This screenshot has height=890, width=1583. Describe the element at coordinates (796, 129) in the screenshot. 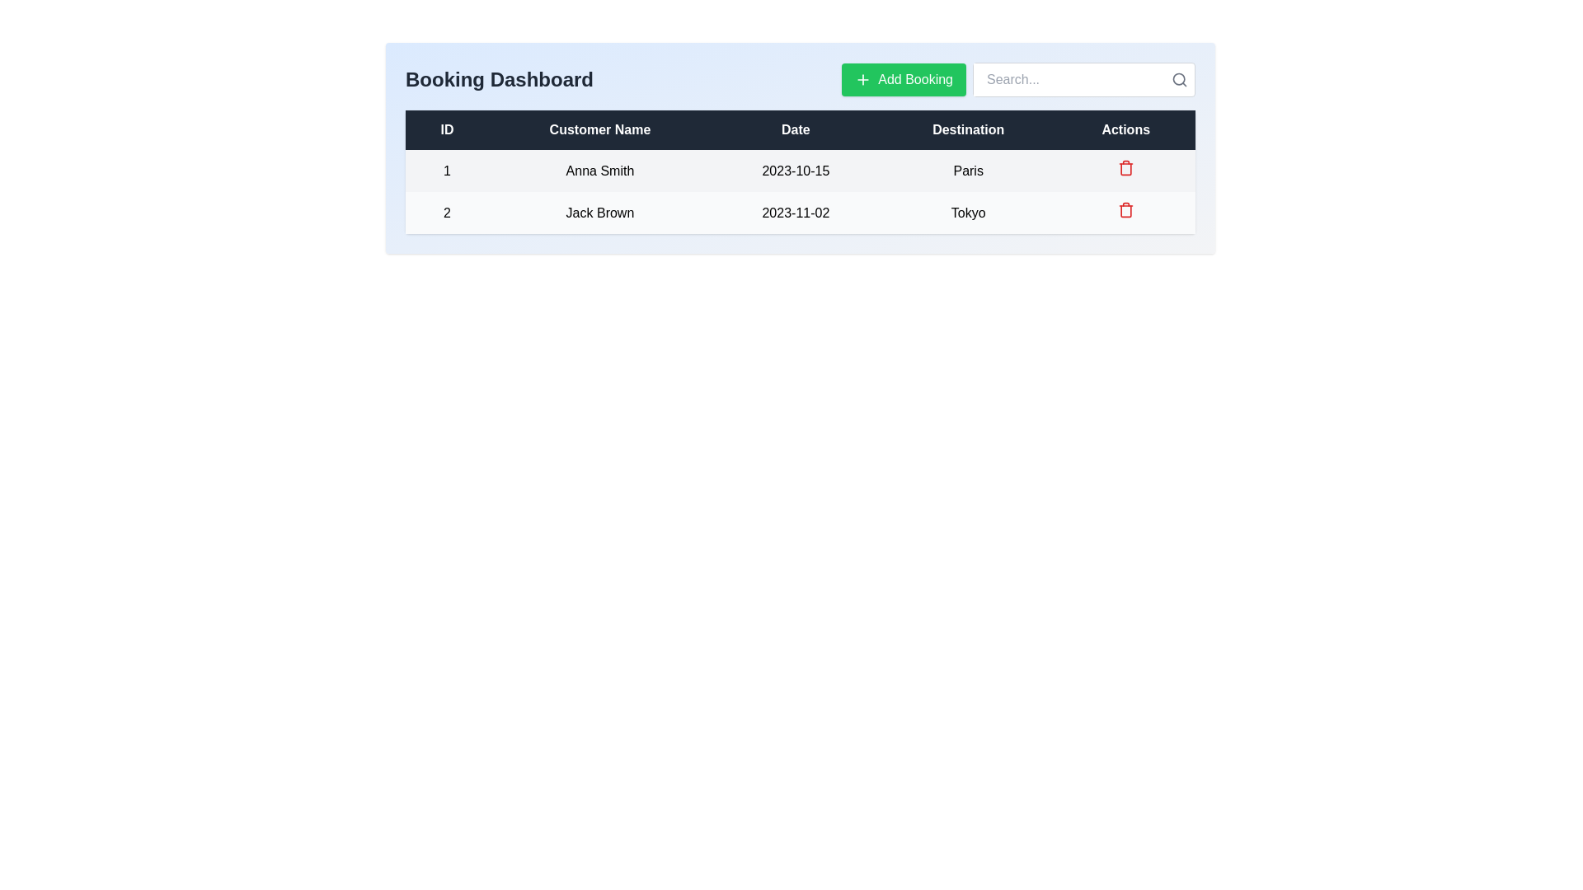

I see `the text label displaying 'Date' in white font on a dark background, which is part of a table header positioned between 'Customer Name' and 'Destination'` at that location.